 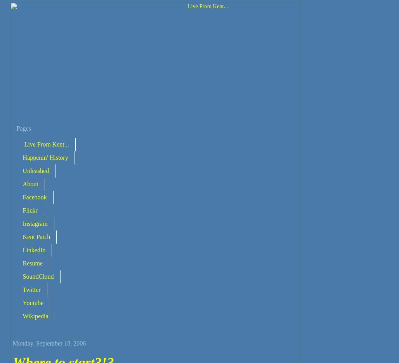 What do you see at coordinates (35, 316) in the screenshot?
I see `'Wikipedia'` at bounding box center [35, 316].